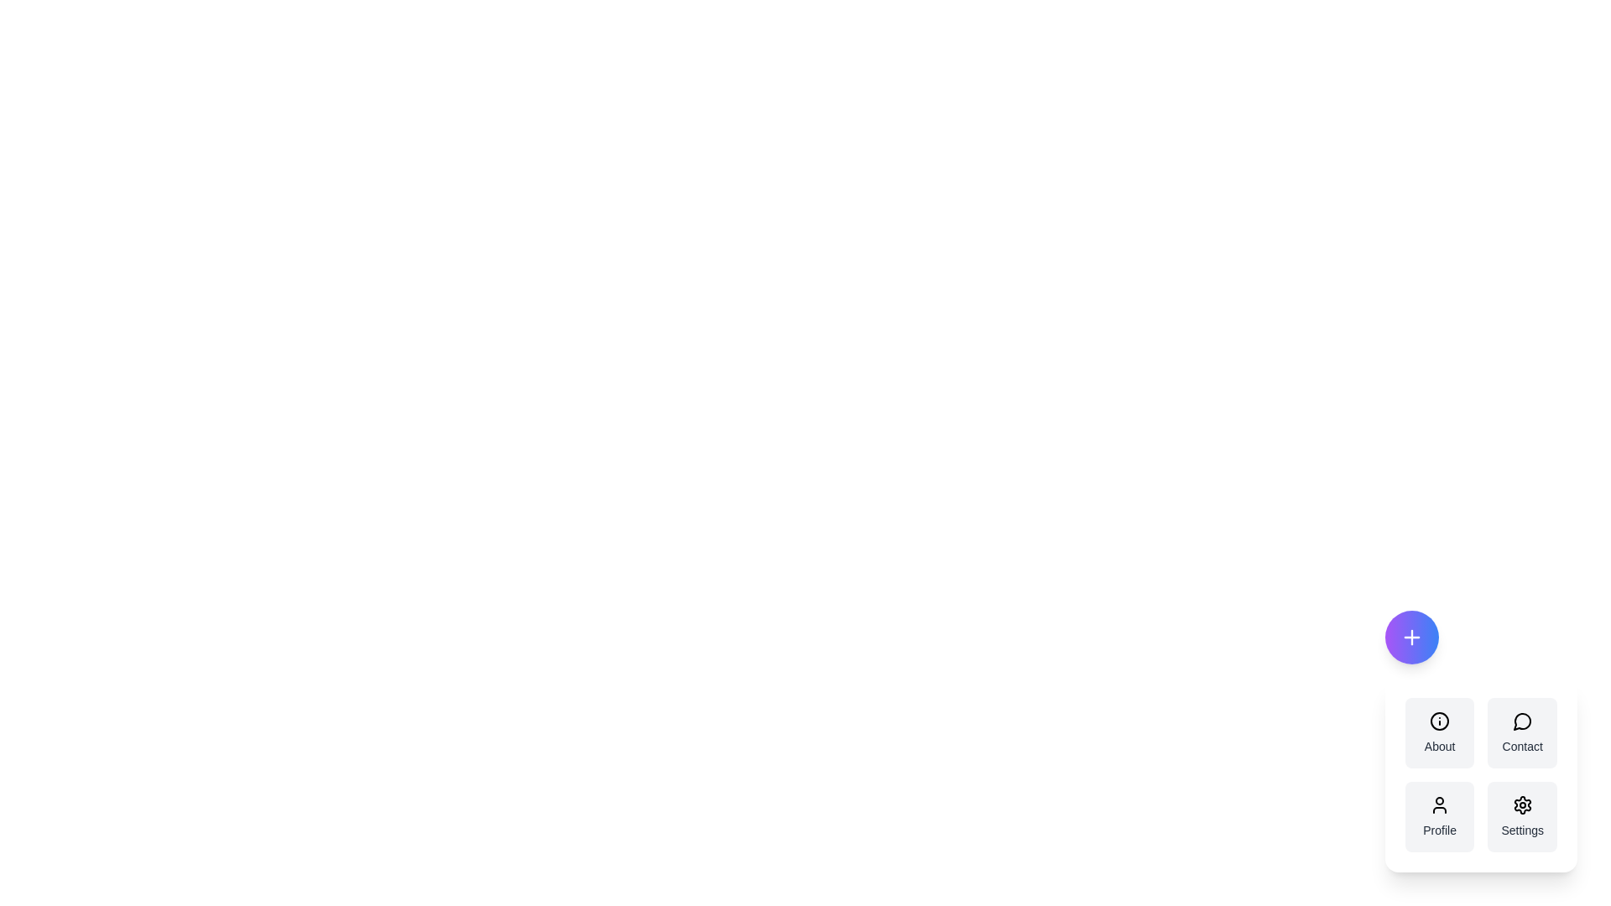 This screenshot has height=906, width=1611. I want to click on the menu option Profile, so click(1439, 816).